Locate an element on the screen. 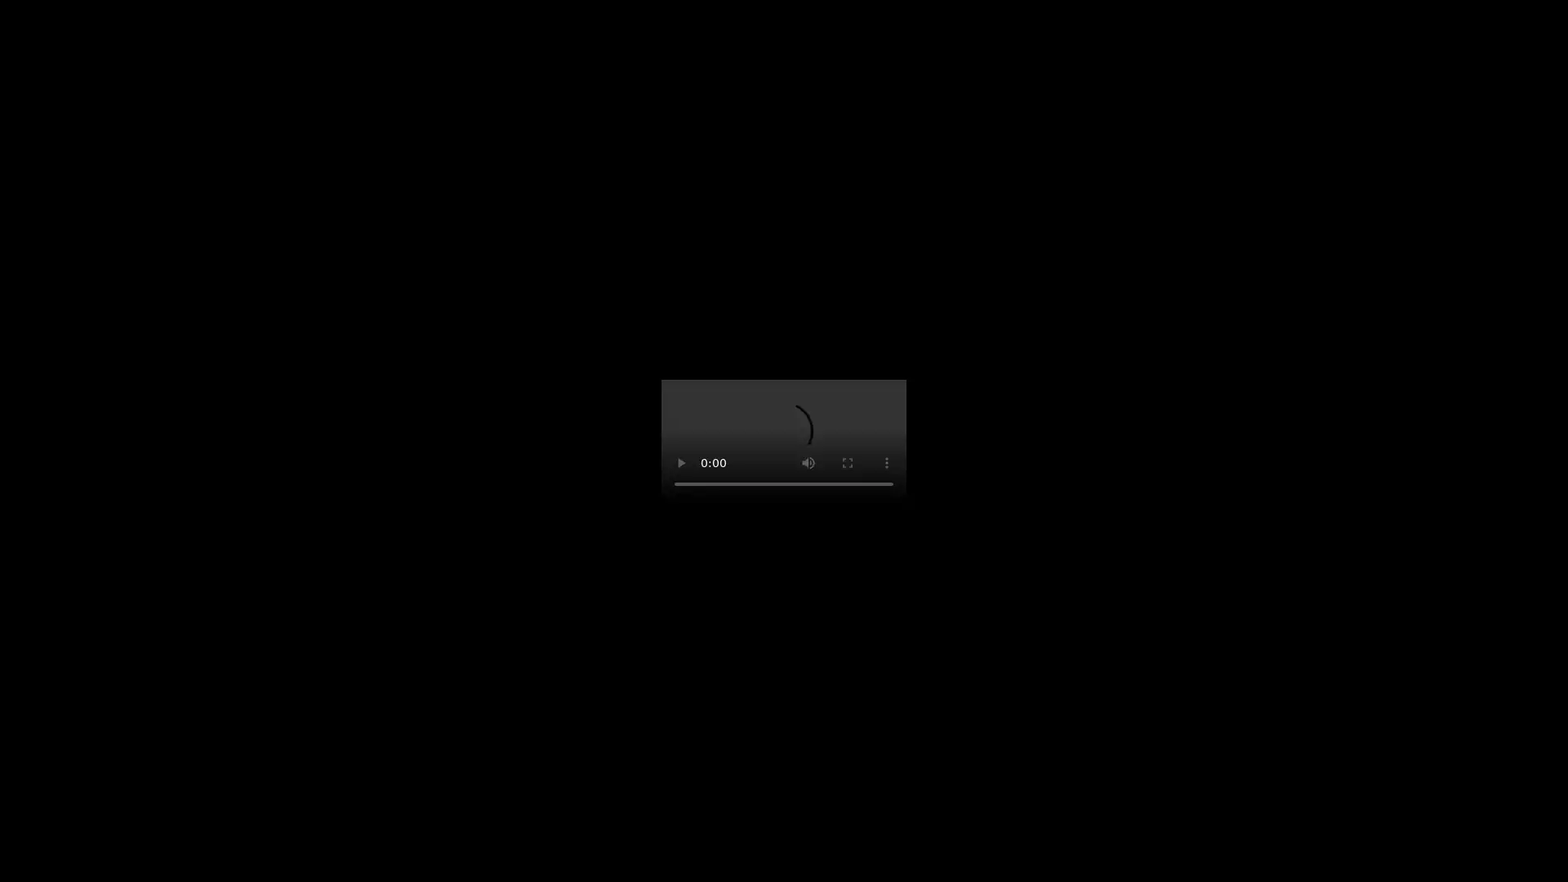 This screenshot has width=1568, height=882. mute is located at coordinates (808, 463).